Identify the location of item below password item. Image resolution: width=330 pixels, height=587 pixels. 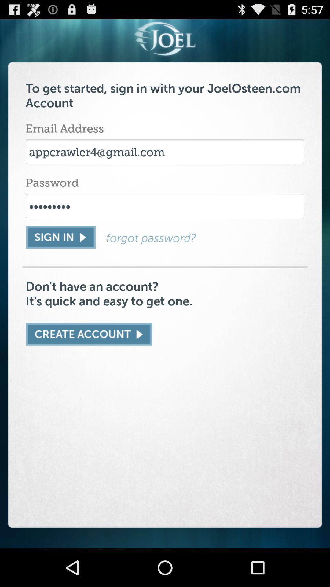
(165, 206).